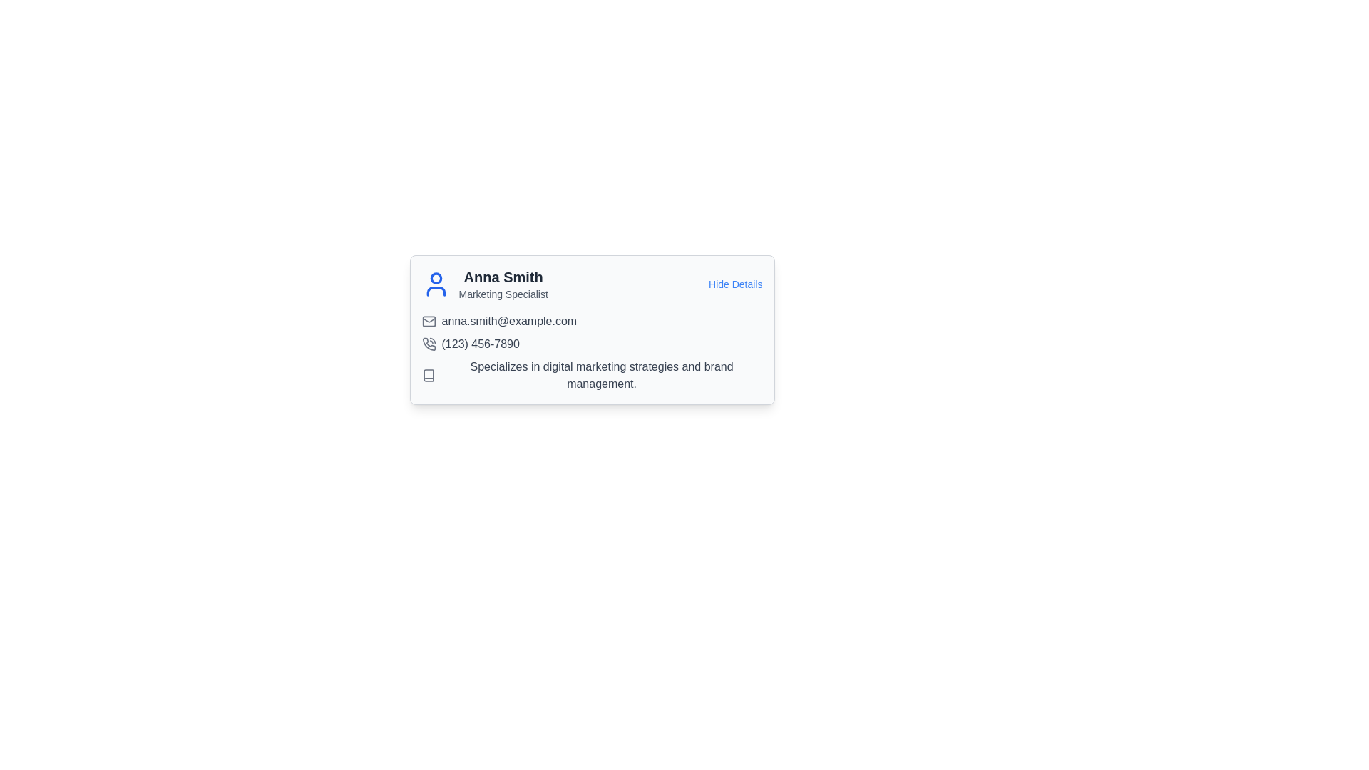 This screenshot has height=770, width=1369. Describe the element at coordinates (602, 375) in the screenshot. I see `the text element that contains 'Specializes in digital marketing strategies and brand management.' which is styled in gray and positioned beneath the contact information for 'Anna Smith'` at that location.